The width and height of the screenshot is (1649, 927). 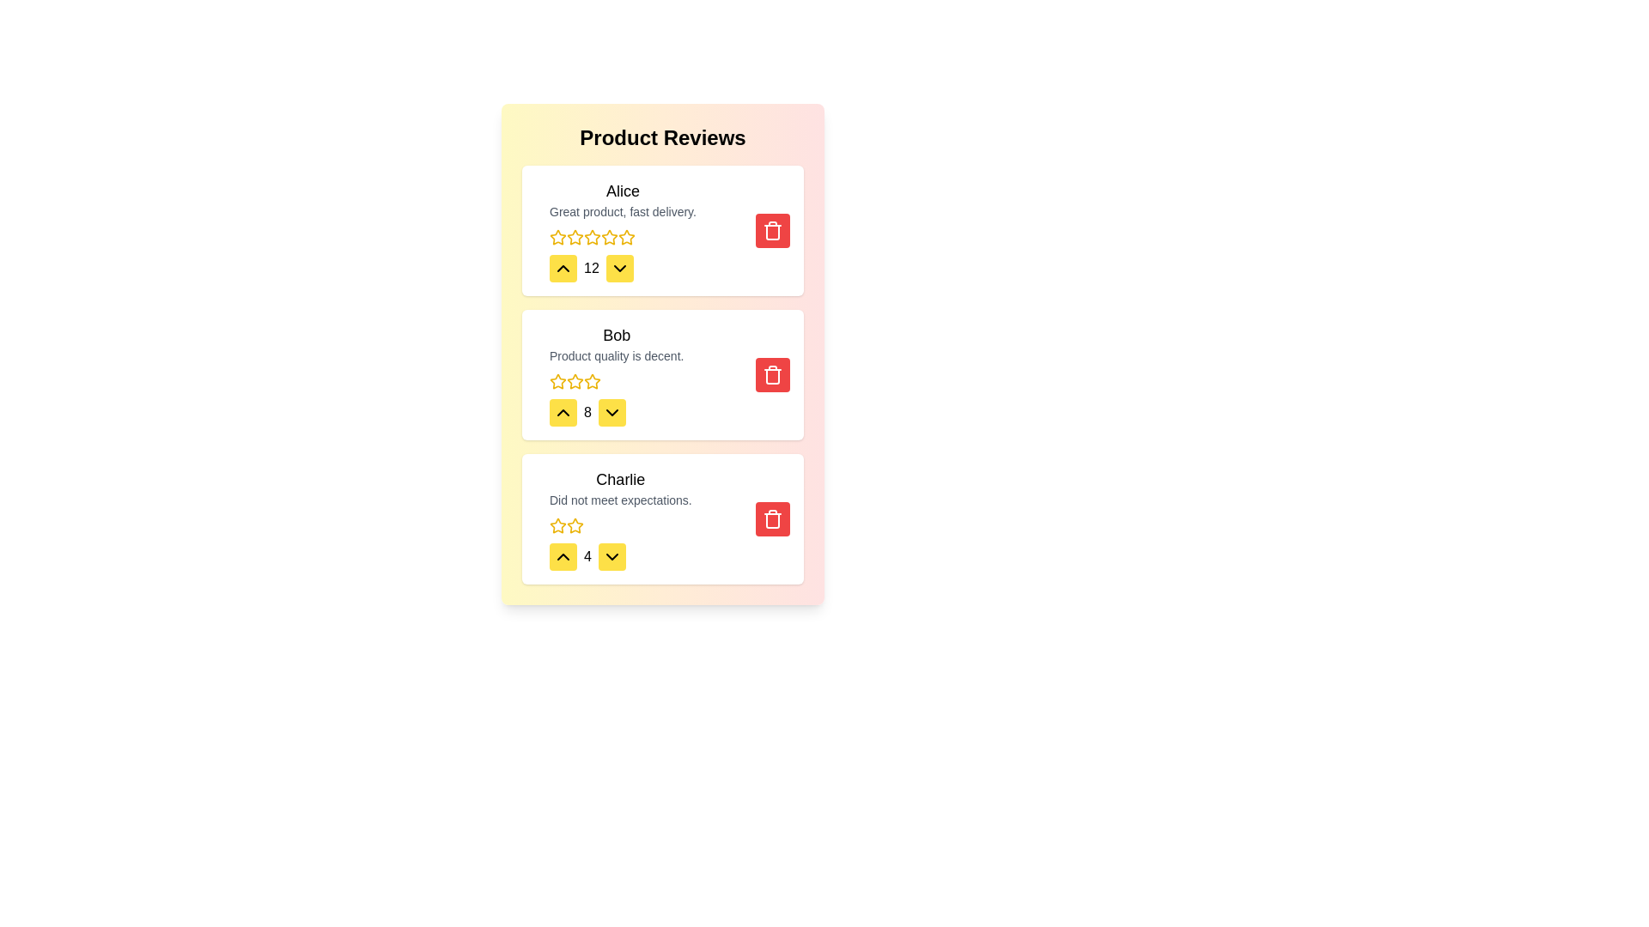 I want to click on delete button for the review by Bob, so click(x=772, y=373).